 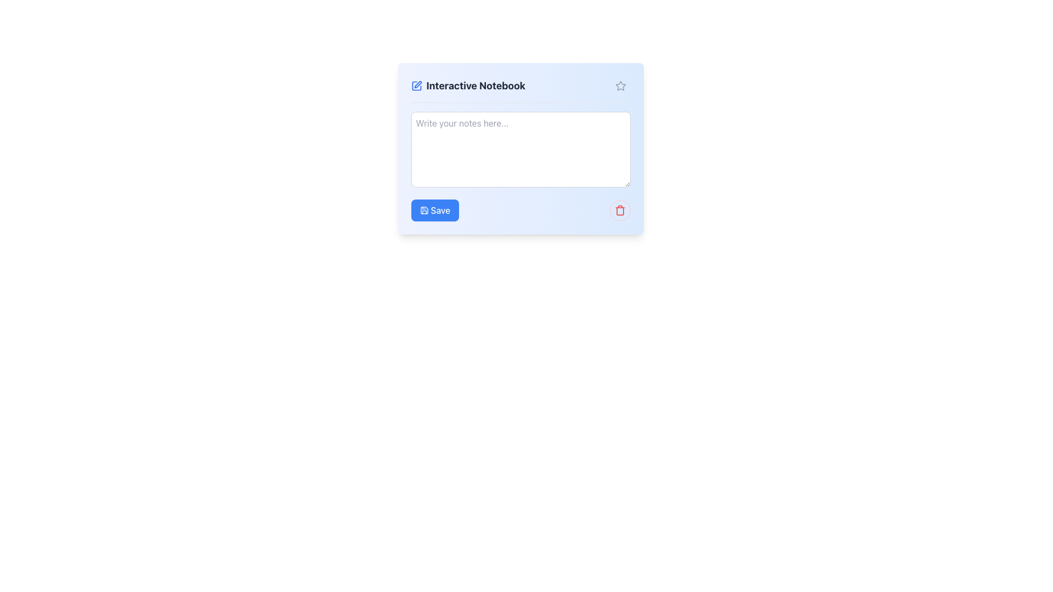 I want to click on the pen icon representing editing or customization, located to the left of the title 'Interactive Notebook', so click(x=416, y=86).